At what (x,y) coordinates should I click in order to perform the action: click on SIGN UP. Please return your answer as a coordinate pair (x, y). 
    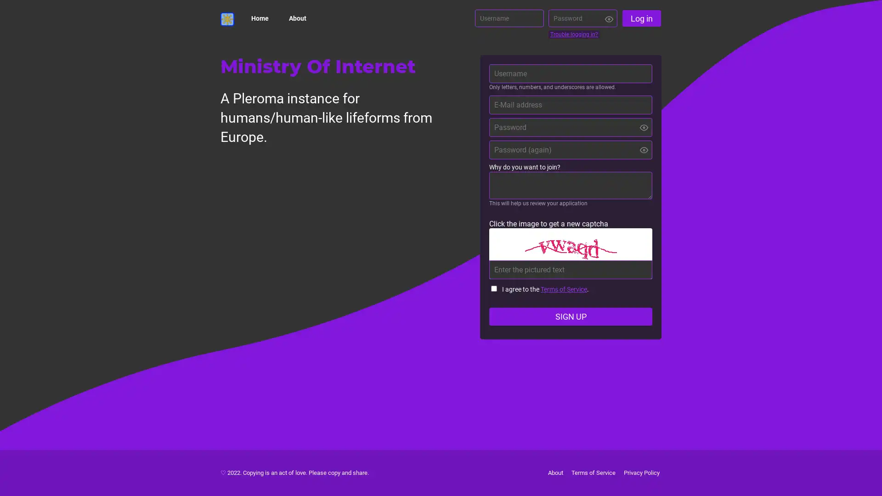
    Looking at the image, I should click on (570, 316).